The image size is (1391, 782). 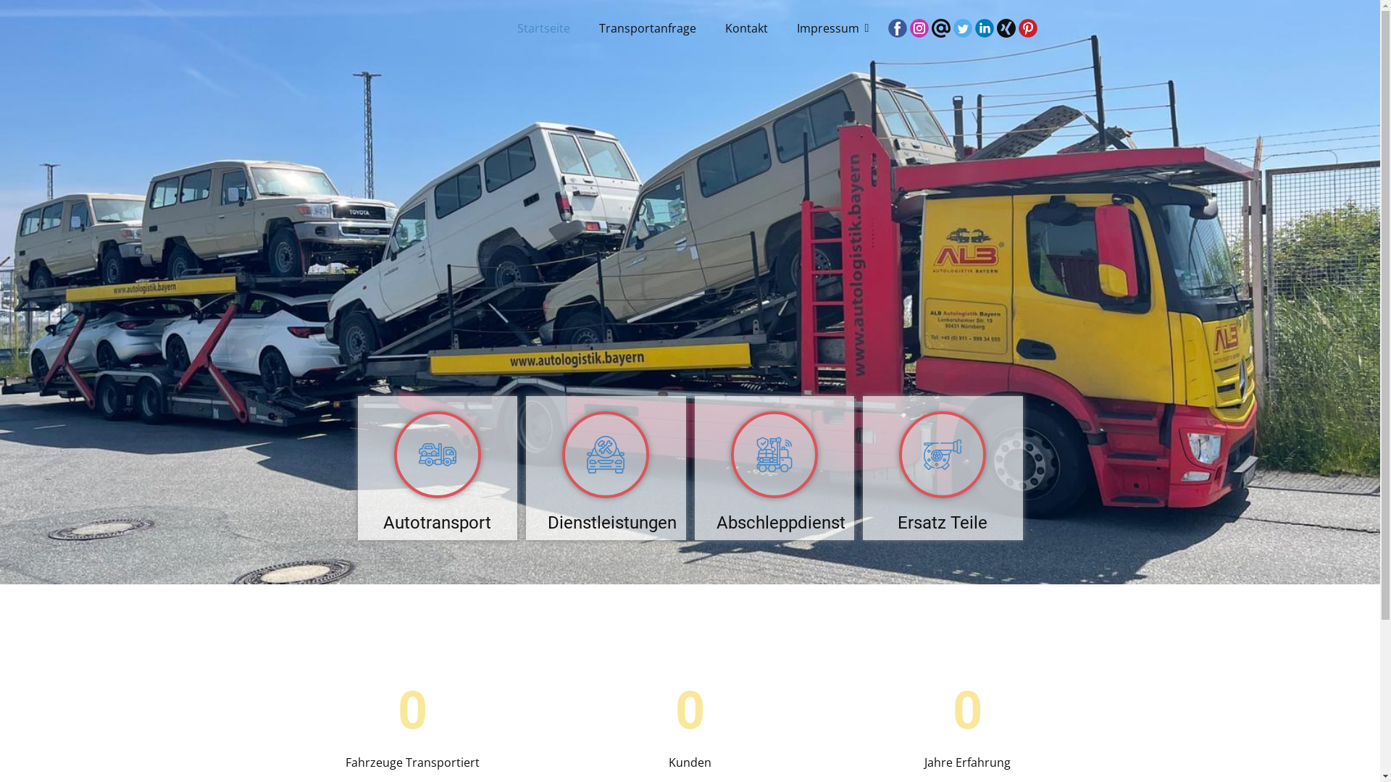 What do you see at coordinates (1005, 28) in the screenshot?
I see `'Xing'` at bounding box center [1005, 28].